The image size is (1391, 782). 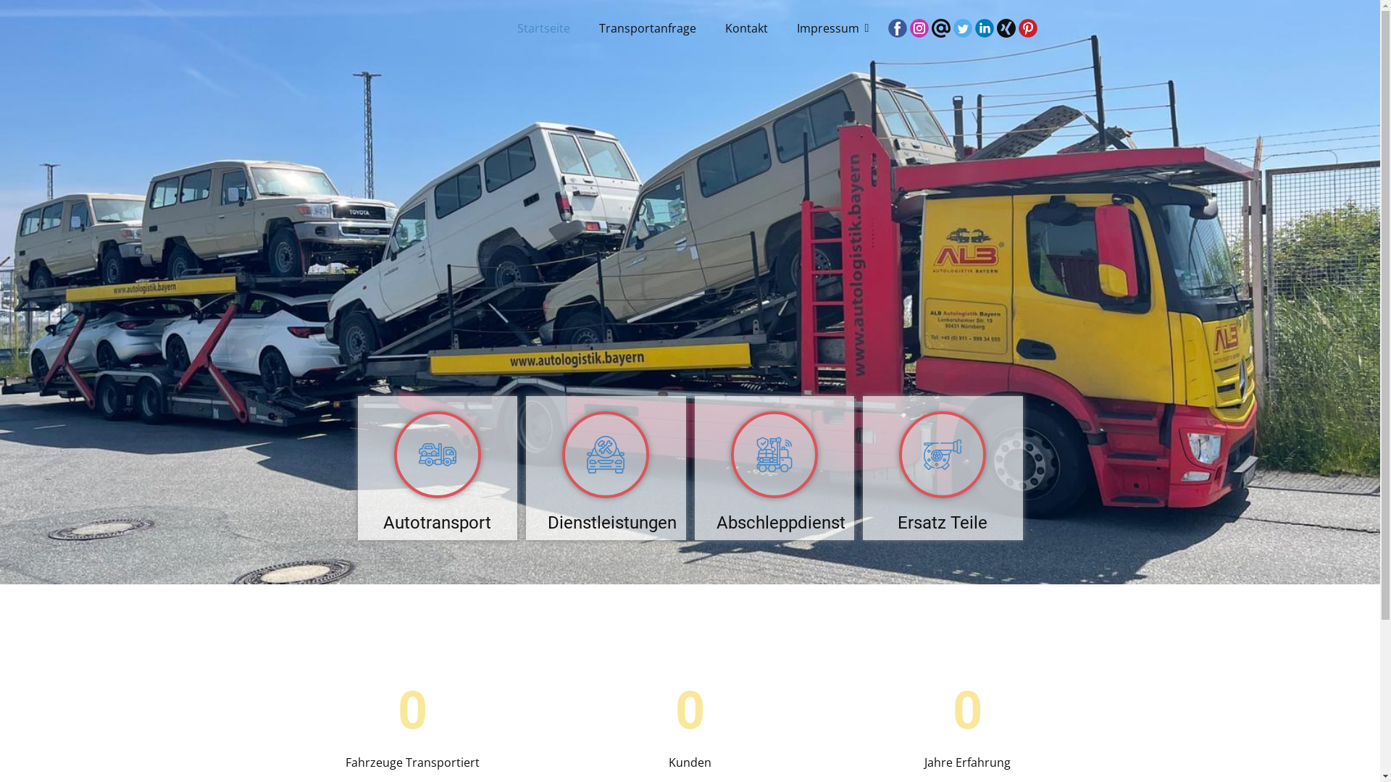 What do you see at coordinates (1005, 28) in the screenshot?
I see `'Xing'` at bounding box center [1005, 28].